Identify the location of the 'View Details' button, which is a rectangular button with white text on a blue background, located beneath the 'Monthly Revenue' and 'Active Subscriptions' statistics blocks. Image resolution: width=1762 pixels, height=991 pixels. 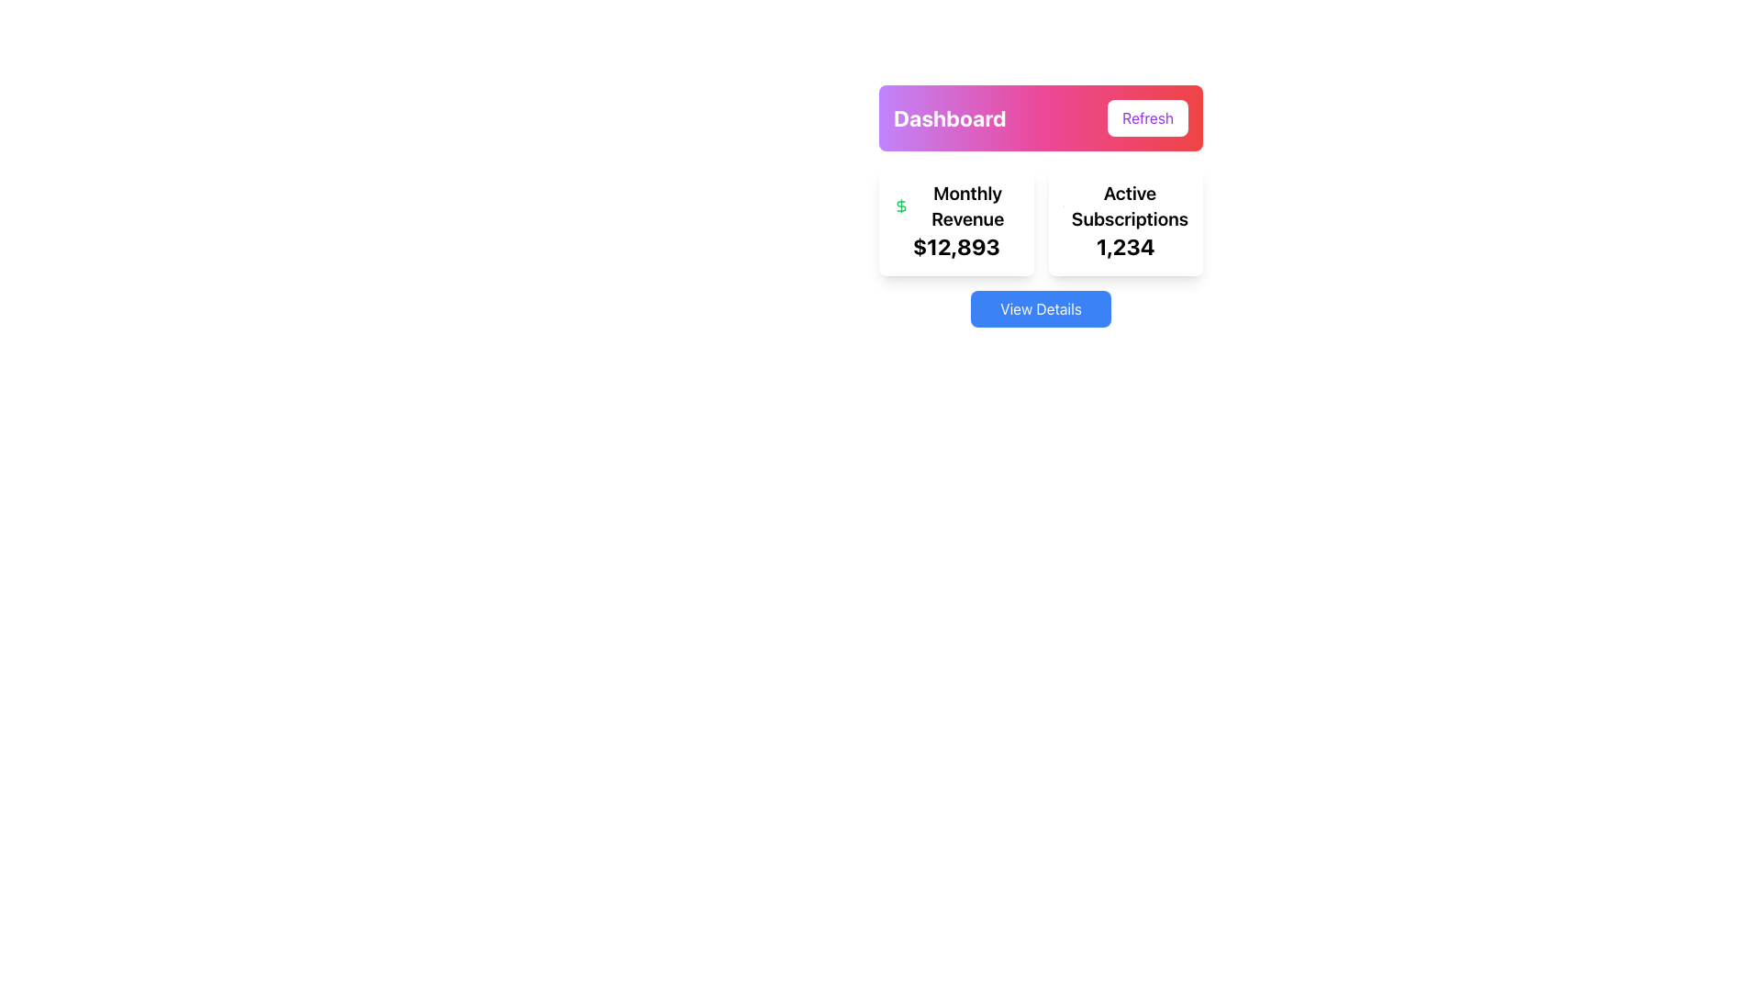
(1041, 307).